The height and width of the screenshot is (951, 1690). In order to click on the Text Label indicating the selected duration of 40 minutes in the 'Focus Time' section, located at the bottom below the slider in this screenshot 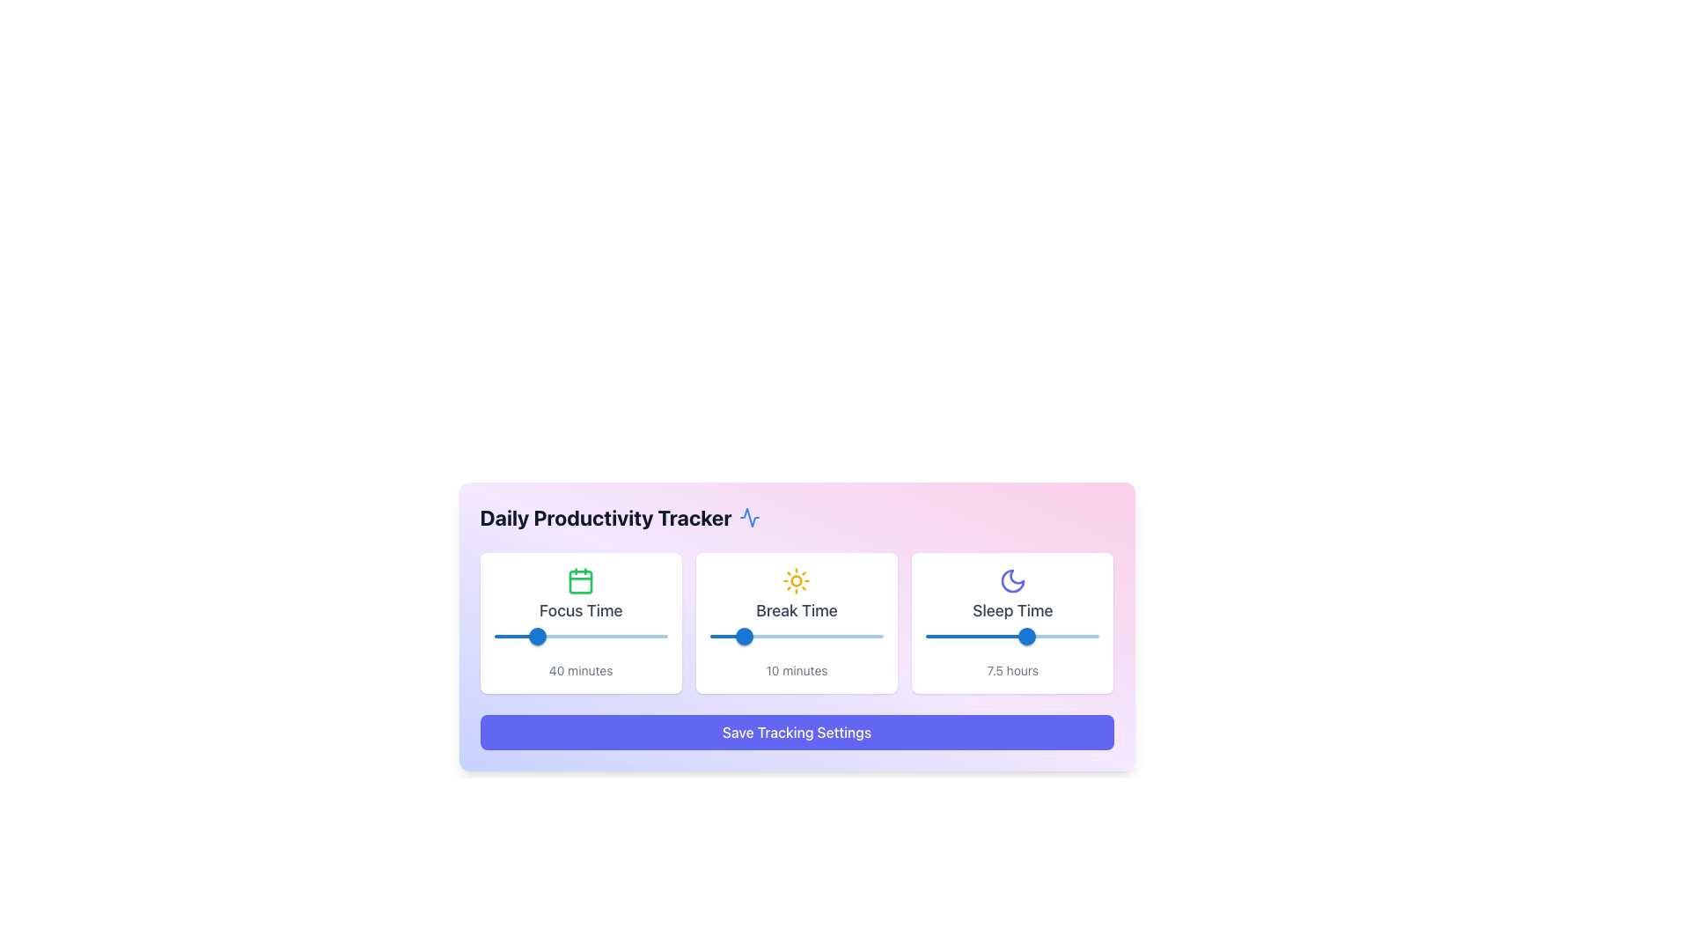, I will do `click(581, 671)`.